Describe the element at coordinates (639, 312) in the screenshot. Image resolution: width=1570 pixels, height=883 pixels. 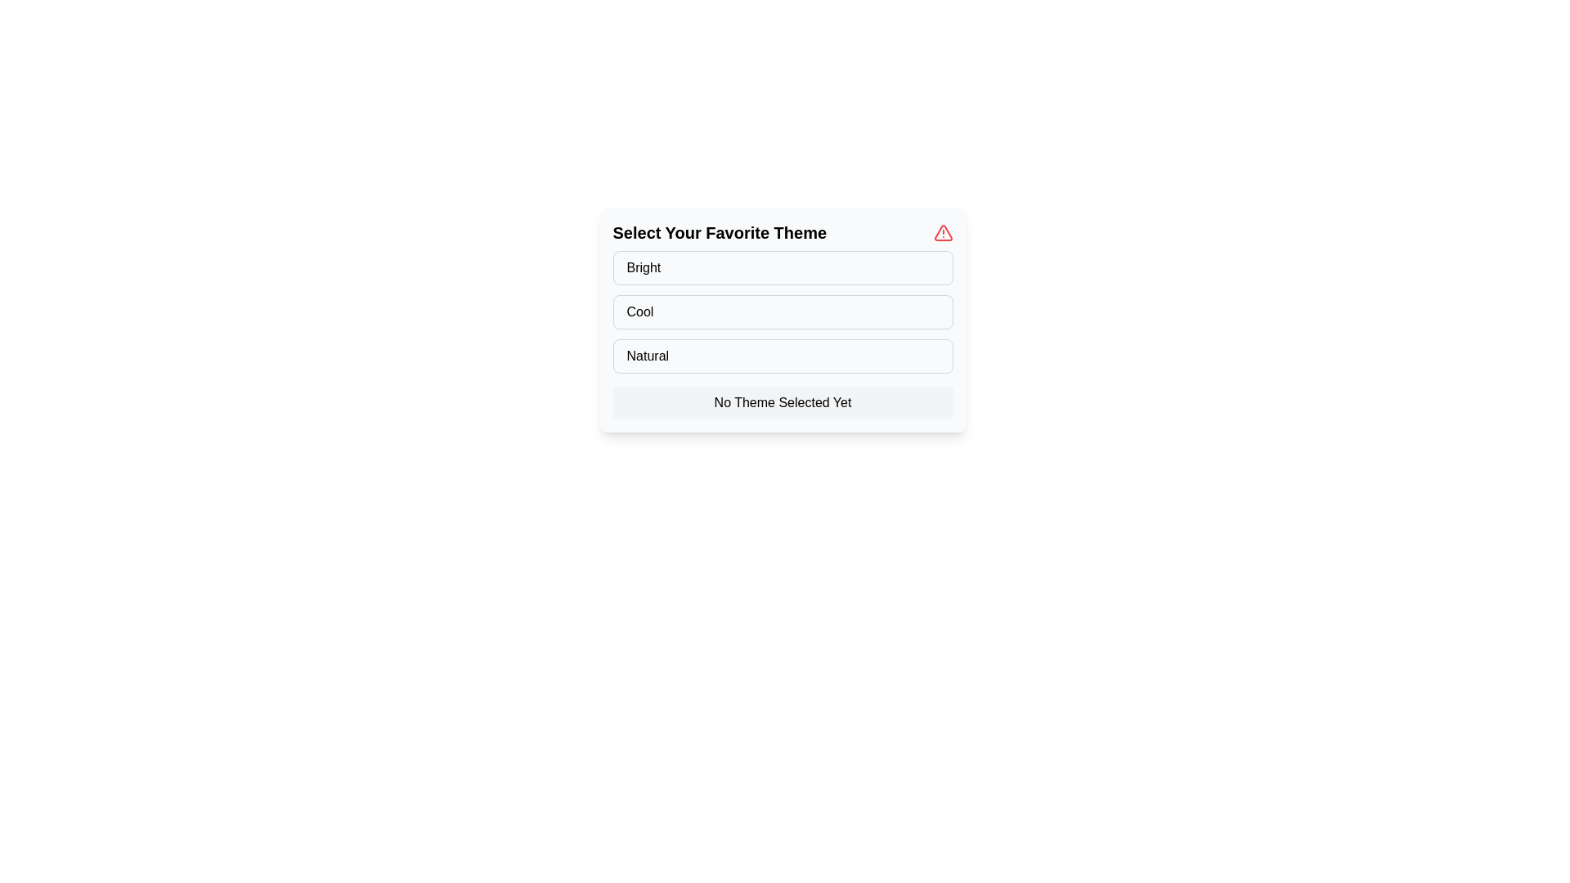
I see `the 'Cool.' text label, which is located inside the second choice option of the theme selection interface` at that location.